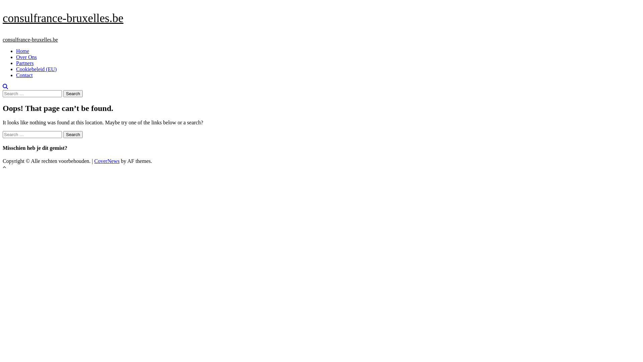 This screenshot has height=362, width=643. I want to click on 'Contact', so click(24, 75).